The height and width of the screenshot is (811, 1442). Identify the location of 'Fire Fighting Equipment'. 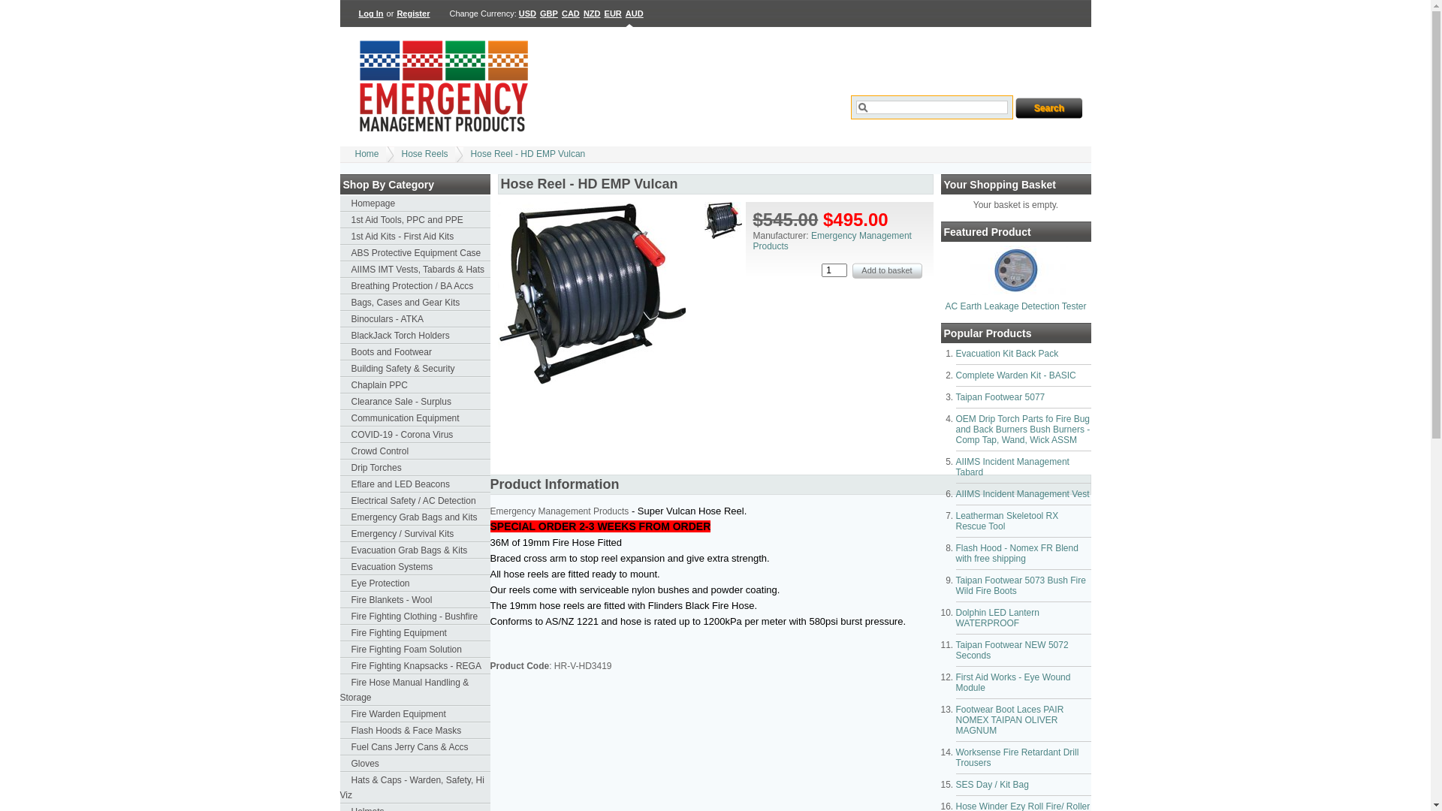
(415, 633).